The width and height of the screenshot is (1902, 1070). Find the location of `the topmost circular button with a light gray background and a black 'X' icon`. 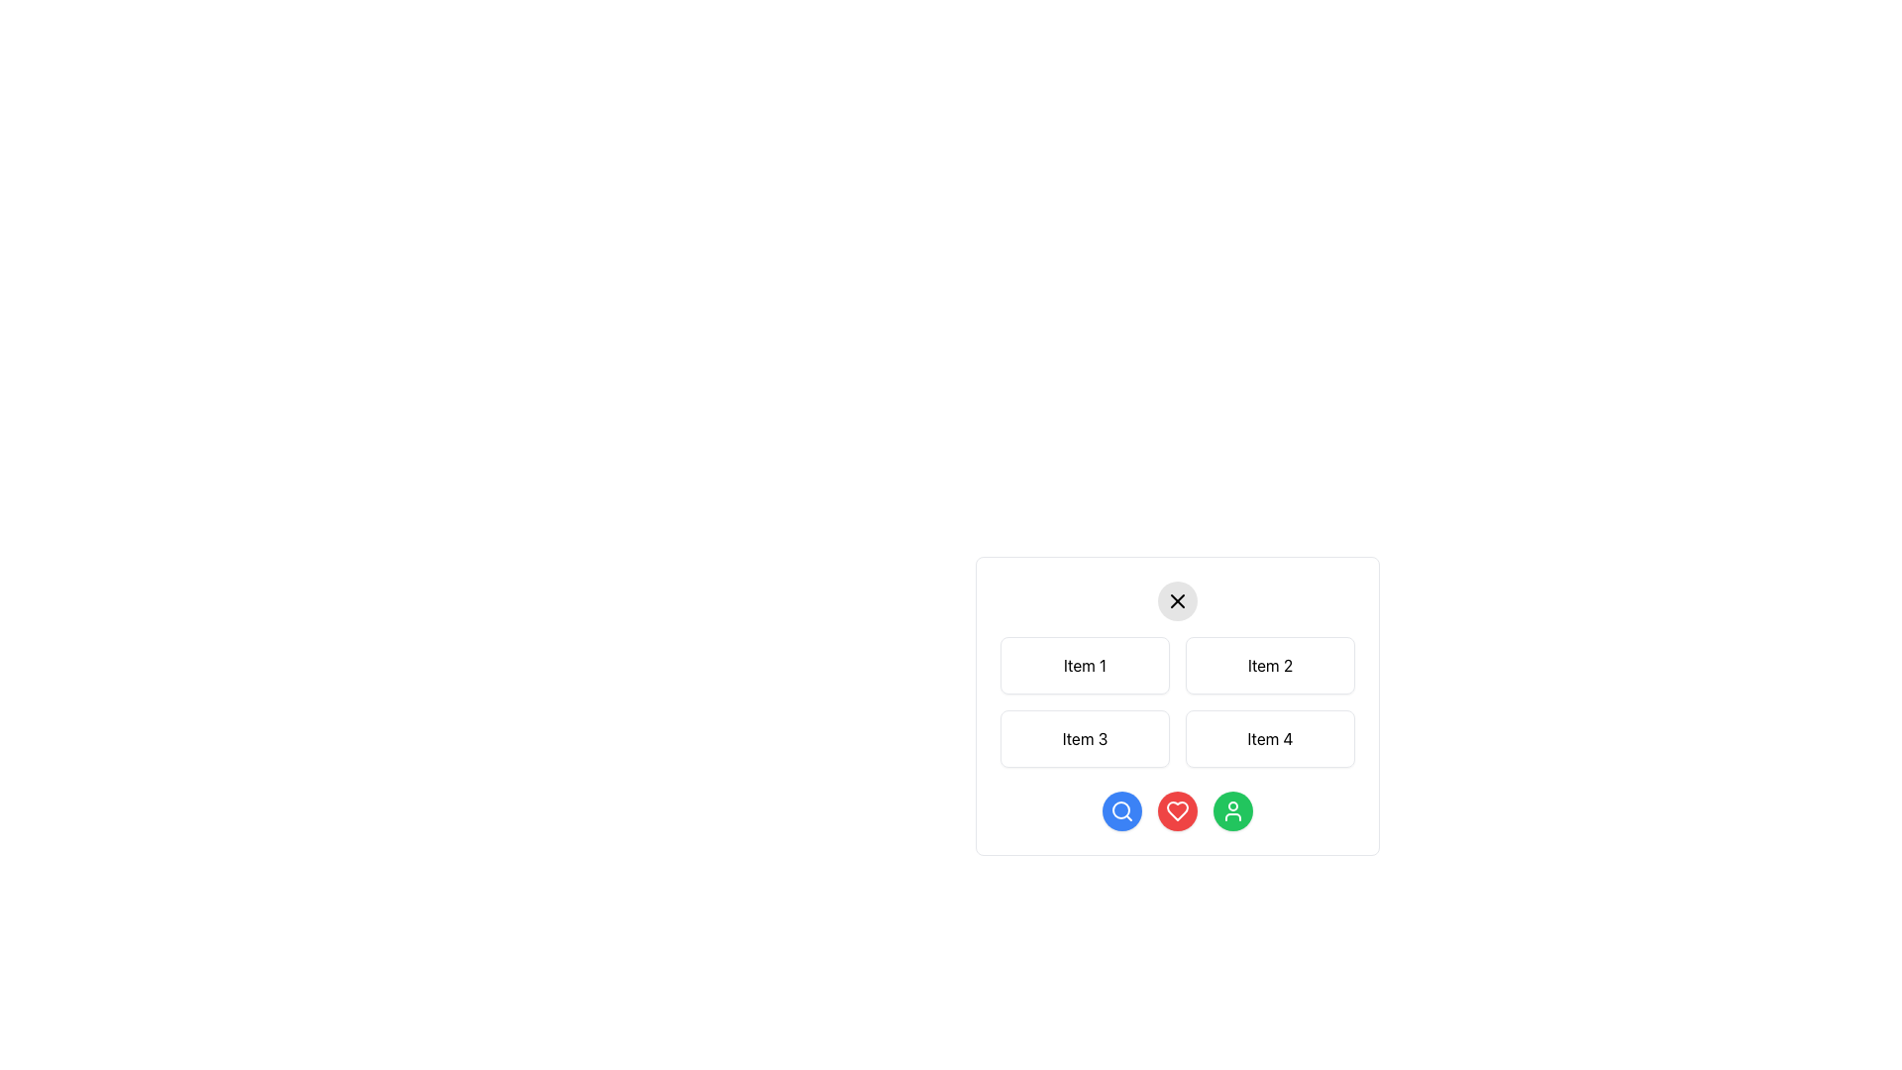

the topmost circular button with a light gray background and a black 'X' icon is located at coordinates (1178, 599).